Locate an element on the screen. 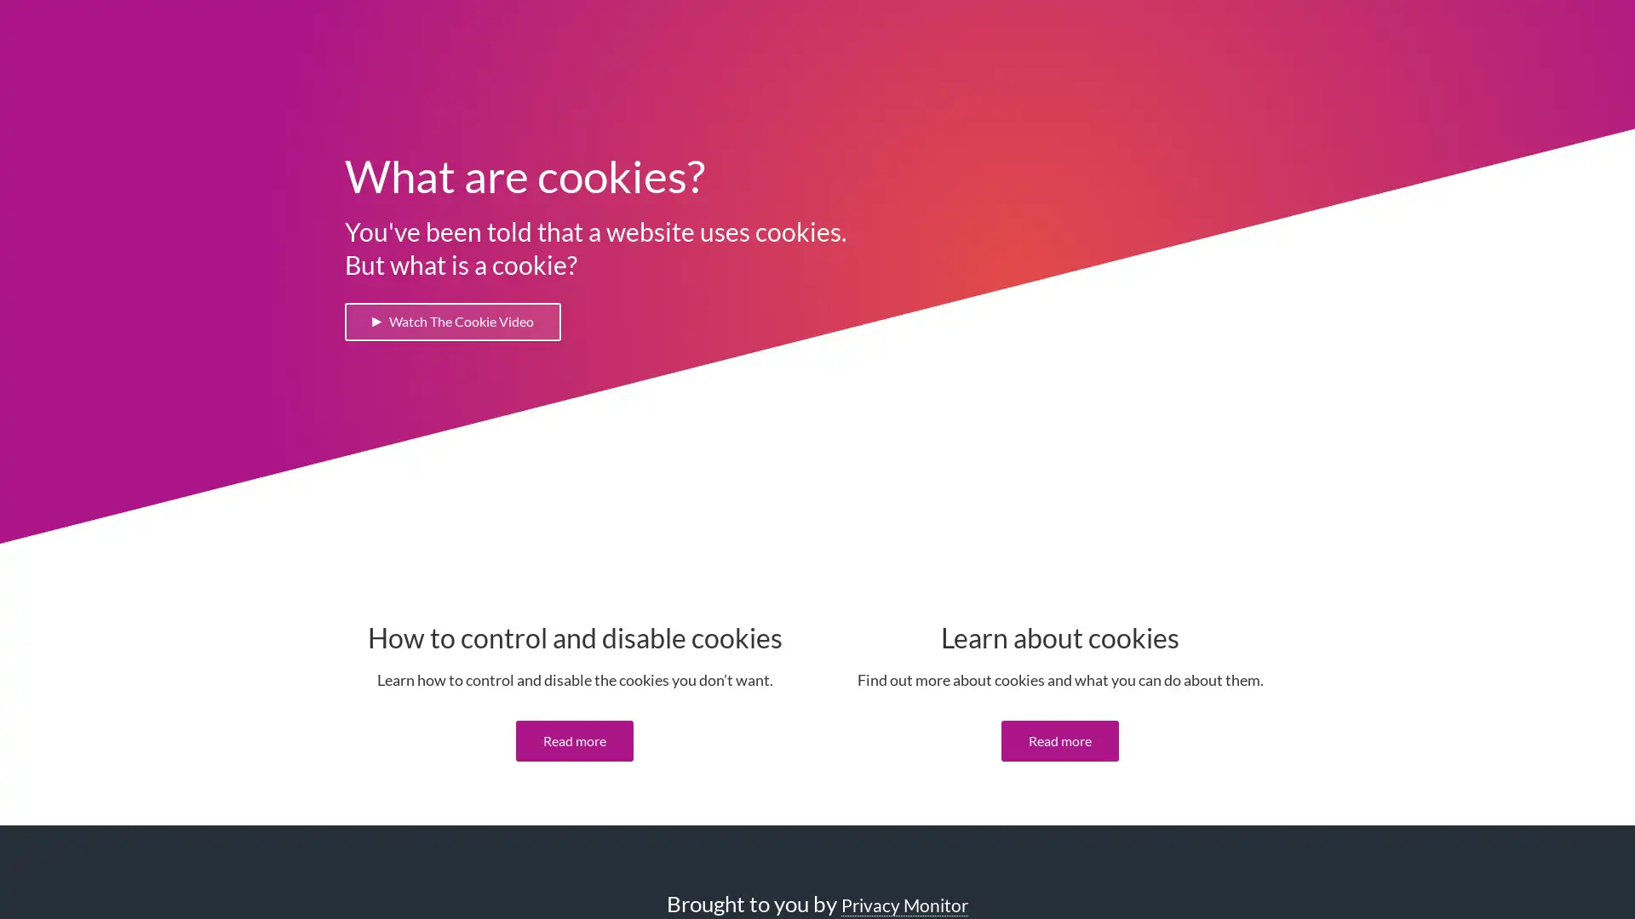  Watch The Cookie Video is located at coordinates (462, 323).